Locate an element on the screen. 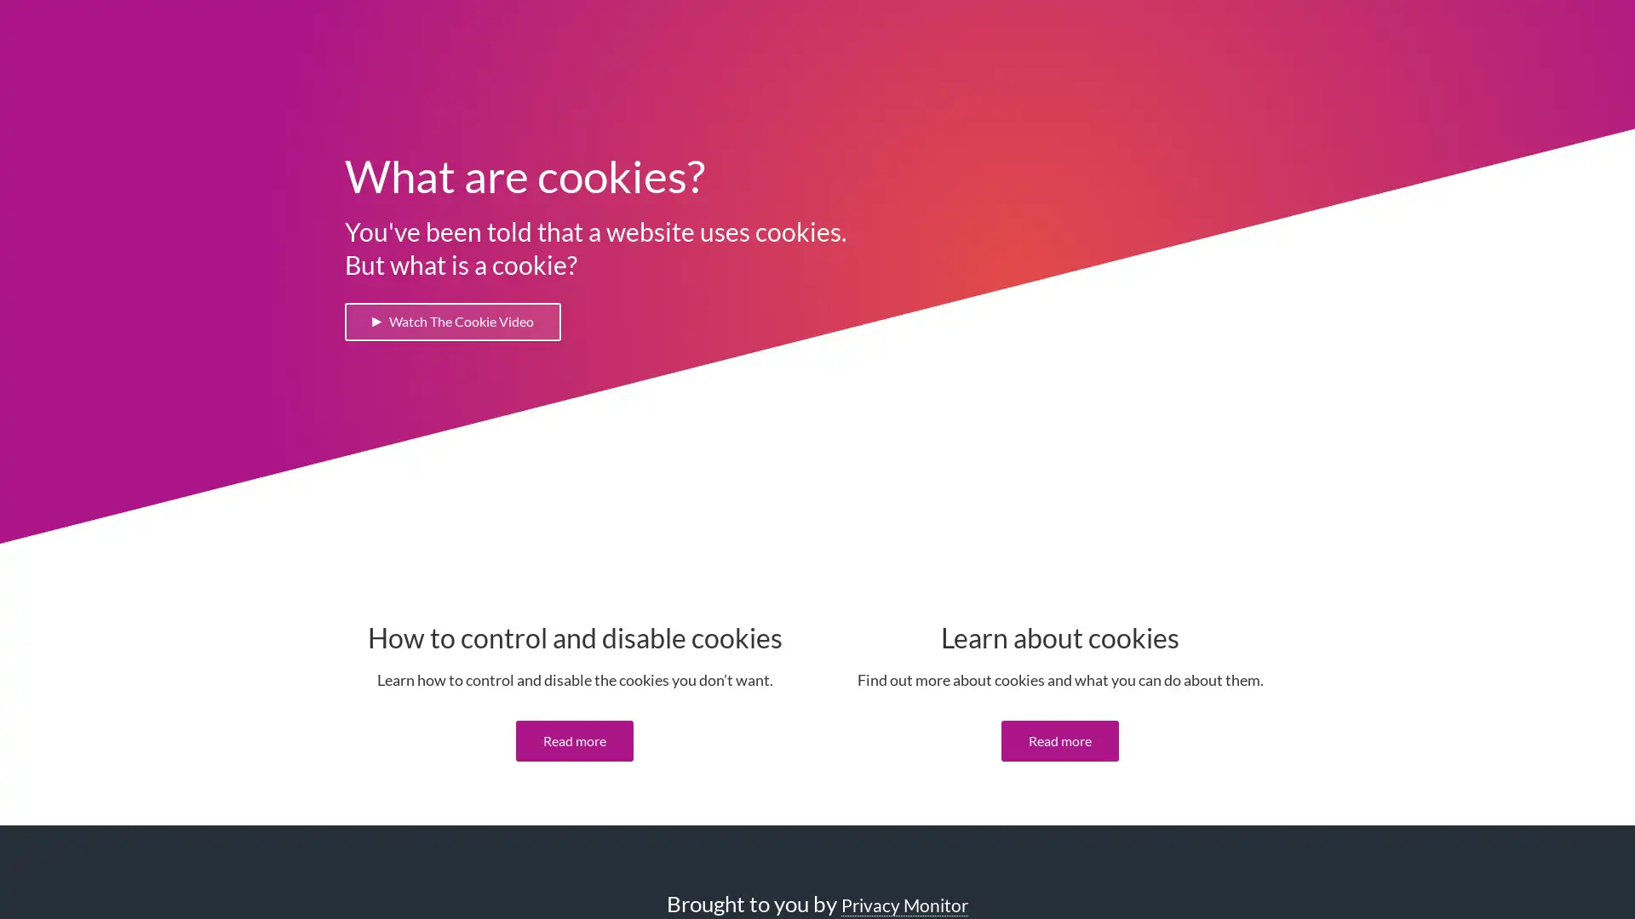  Watch The Cookie Video is located at coordinates (462, 323).